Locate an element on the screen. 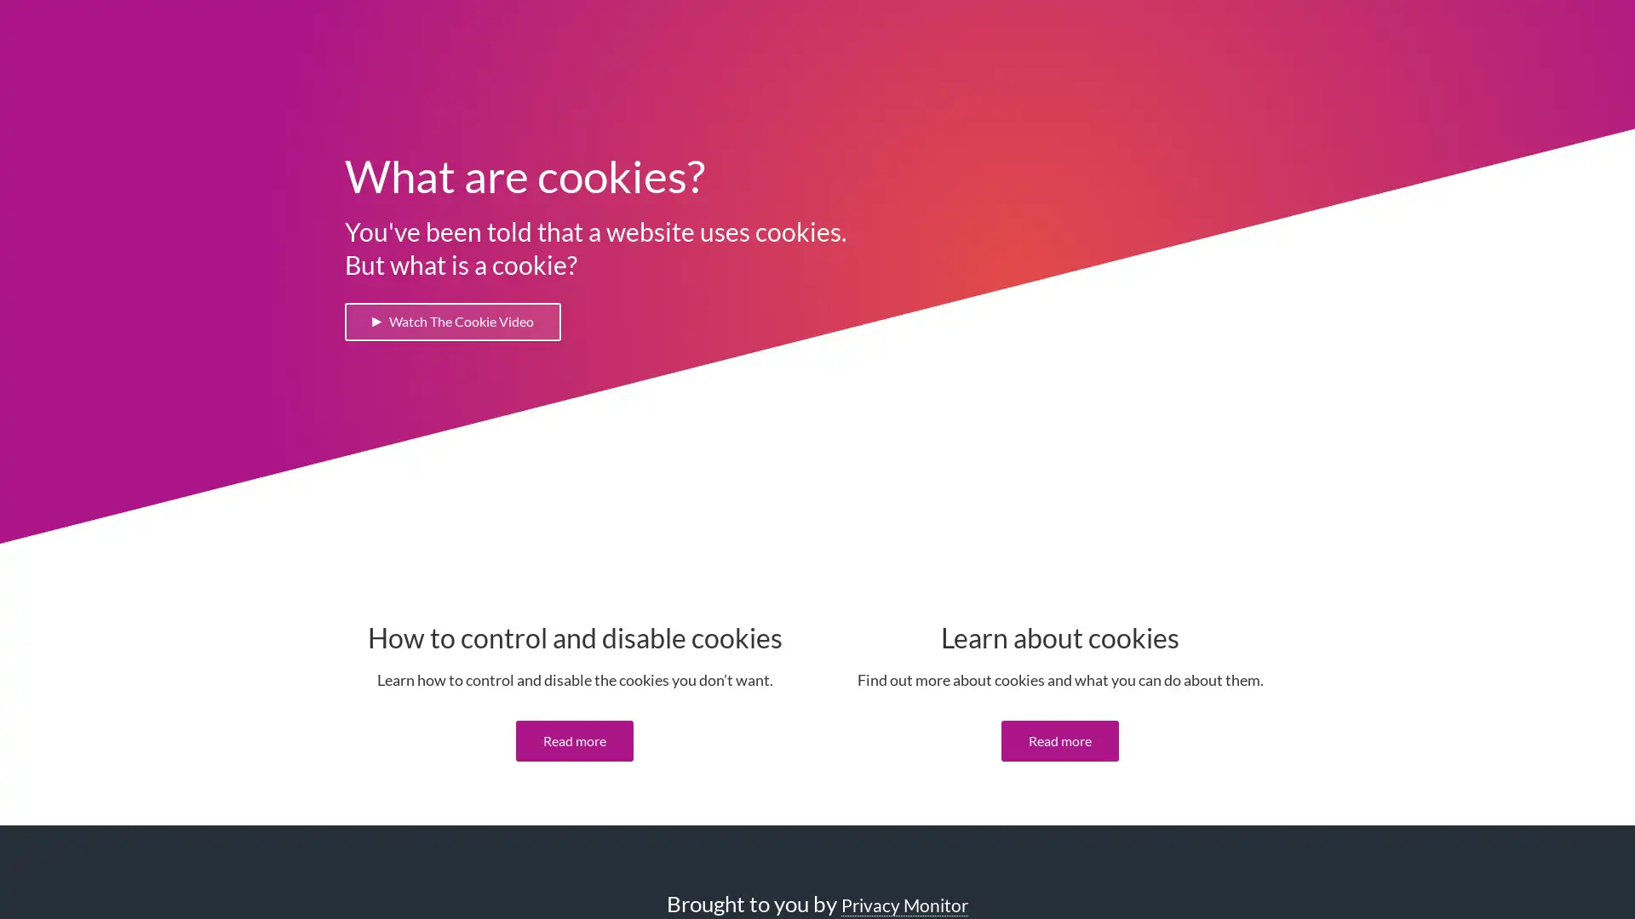  Watch The Cookie Video is located at coordinates (462, 323).